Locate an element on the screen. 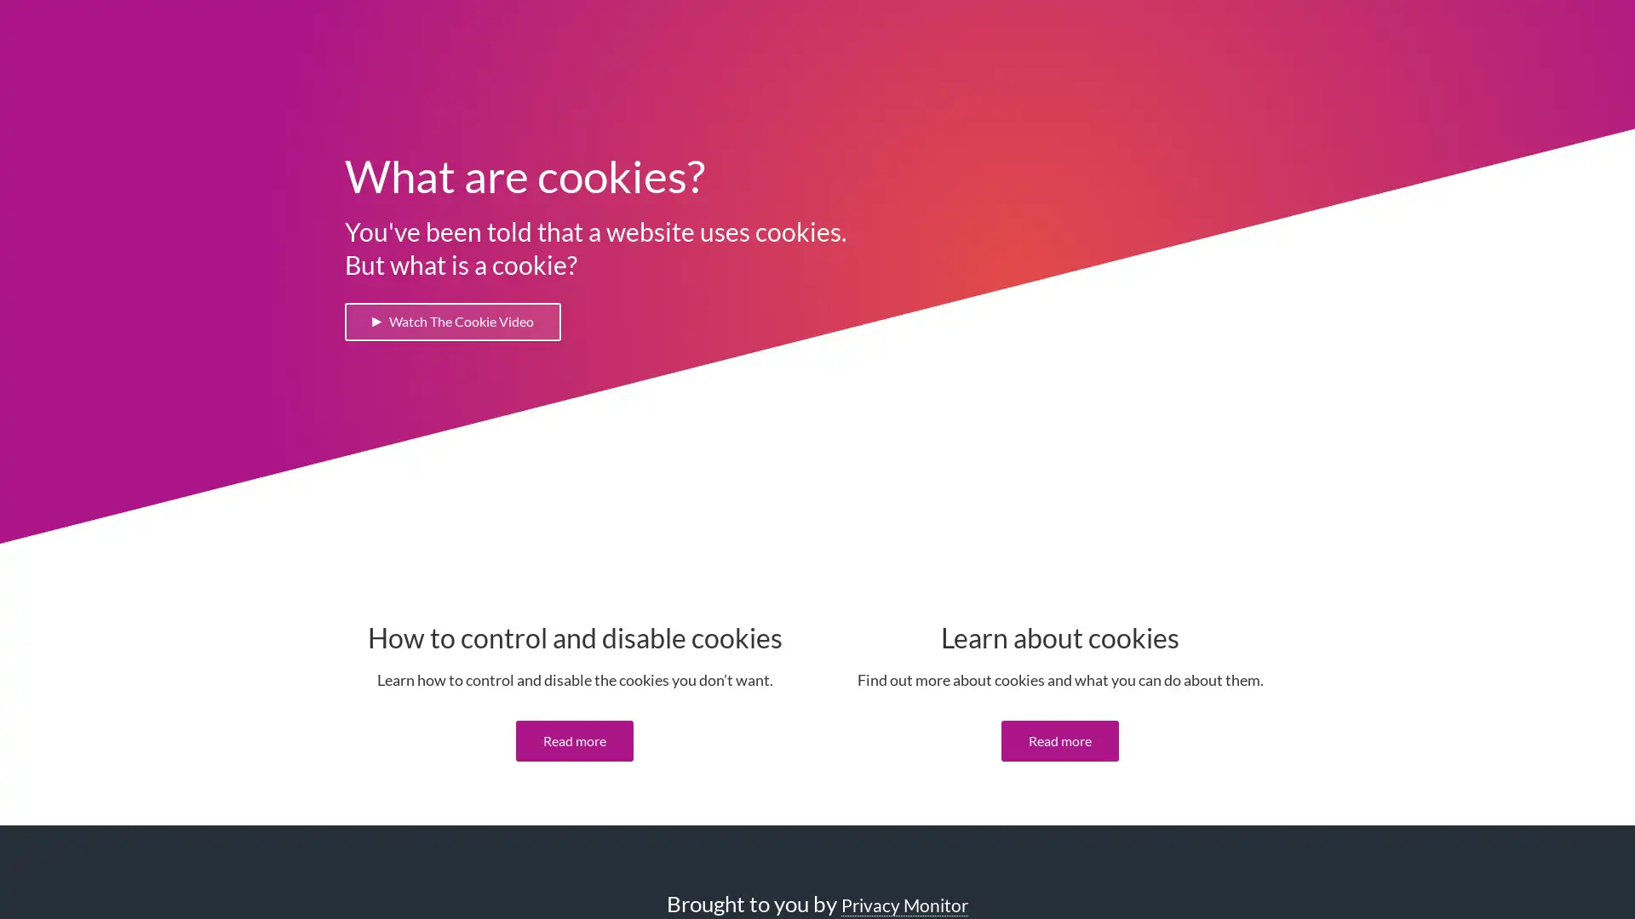  Watch The Cookie Video is located at coordinates (462, 323).